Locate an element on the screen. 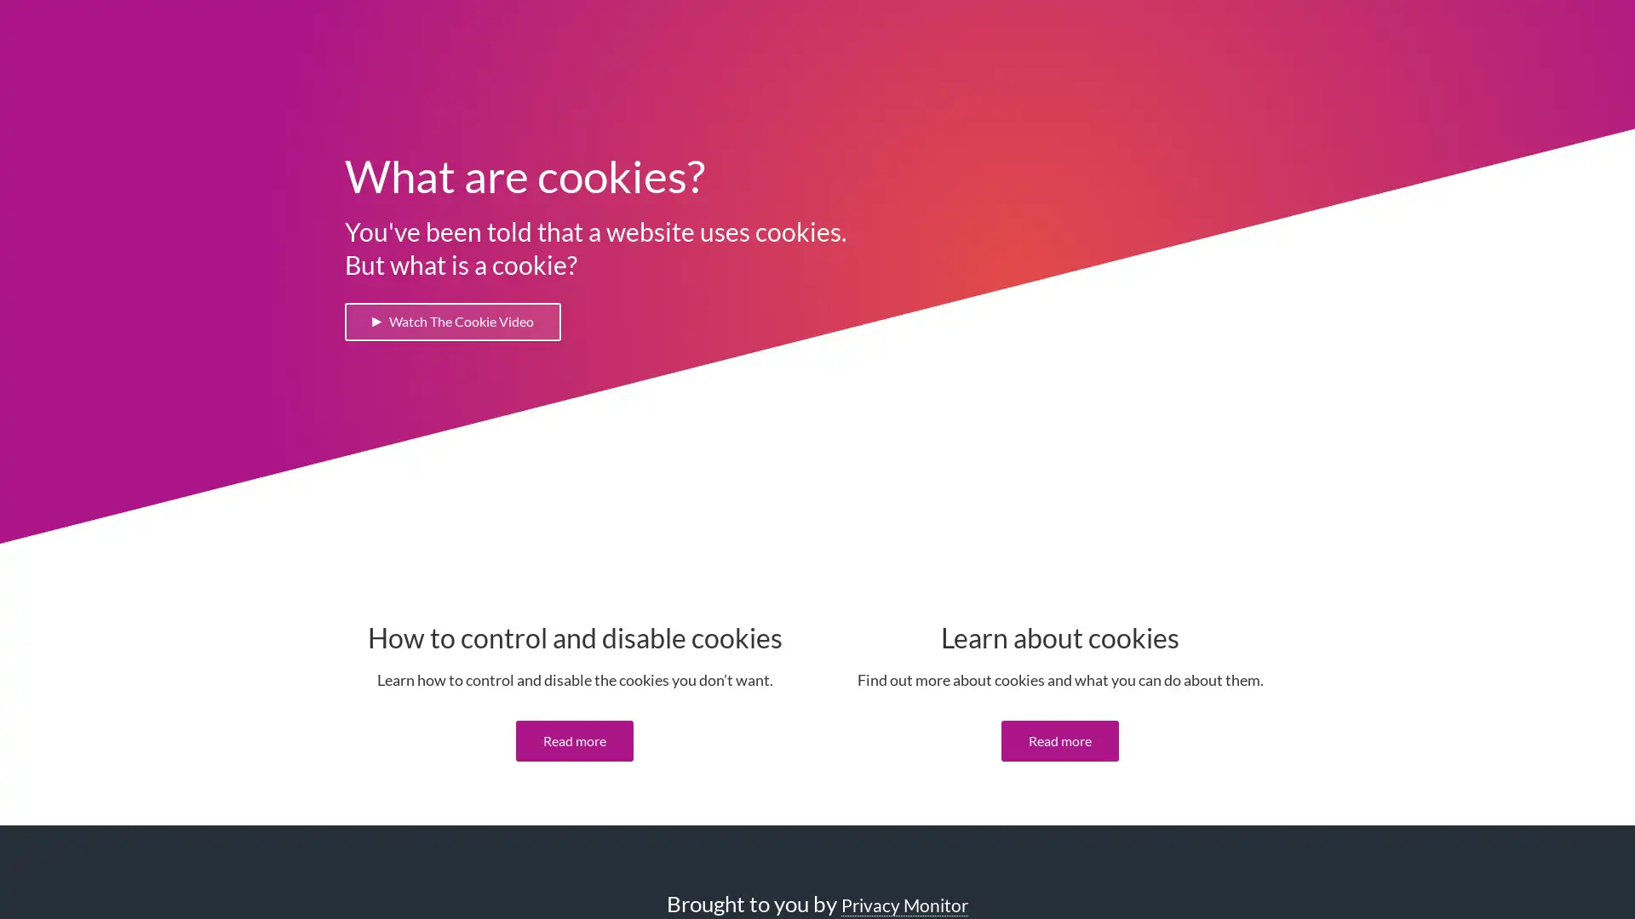  Watch The Cookie Video is located at coordinates (462, 323).